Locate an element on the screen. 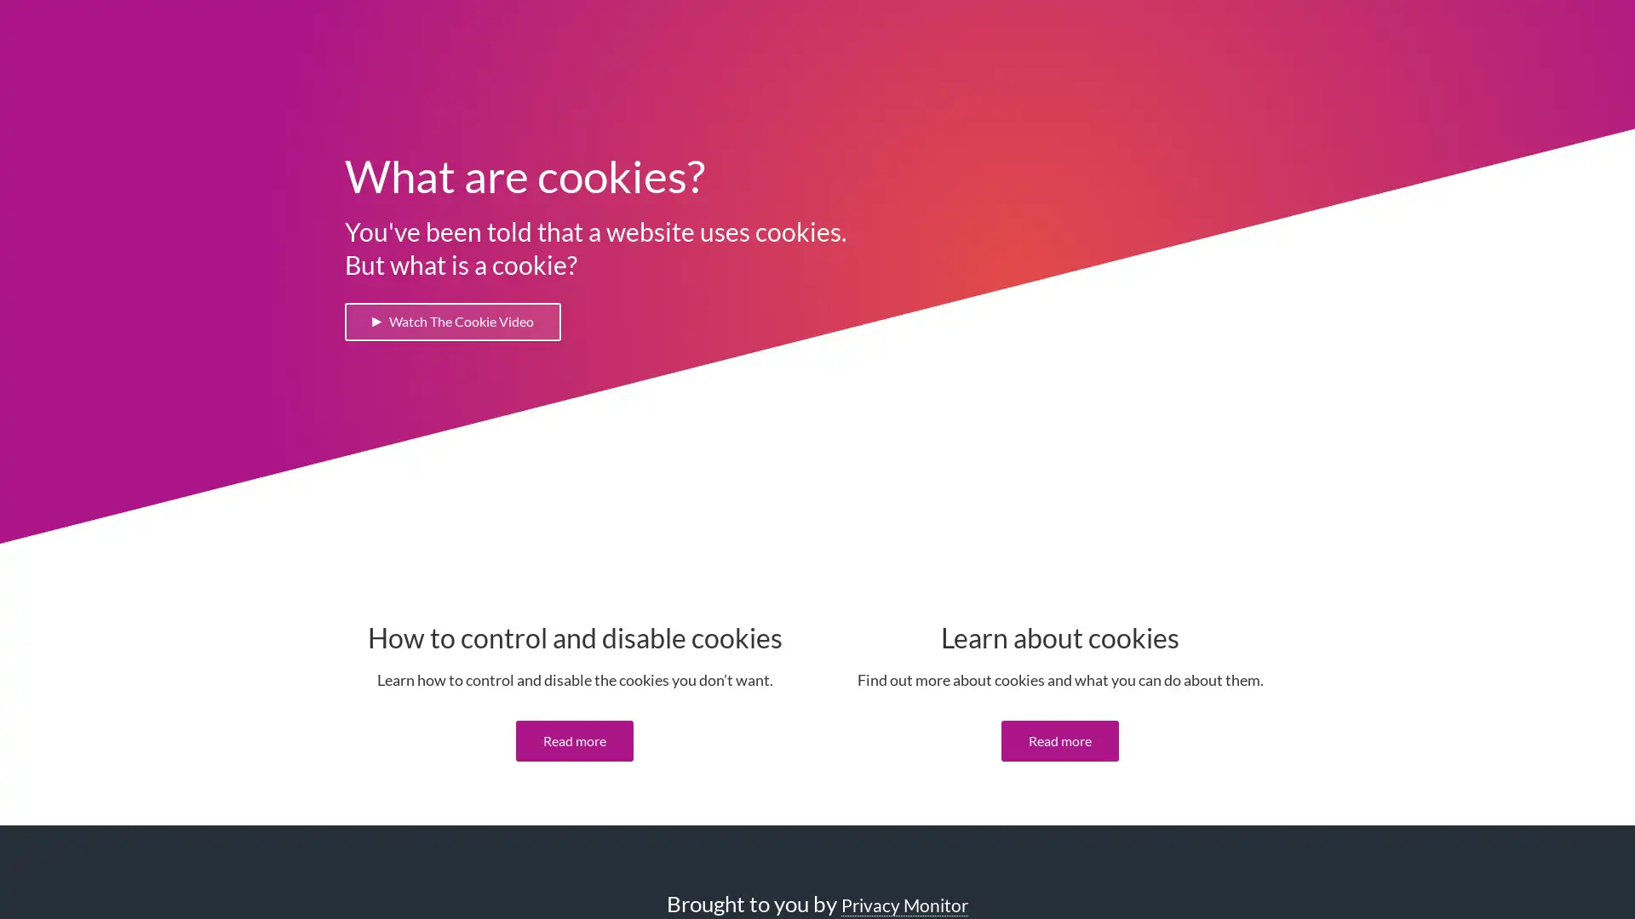  Watch The Cookie Video is located at coordinates (462, 323).